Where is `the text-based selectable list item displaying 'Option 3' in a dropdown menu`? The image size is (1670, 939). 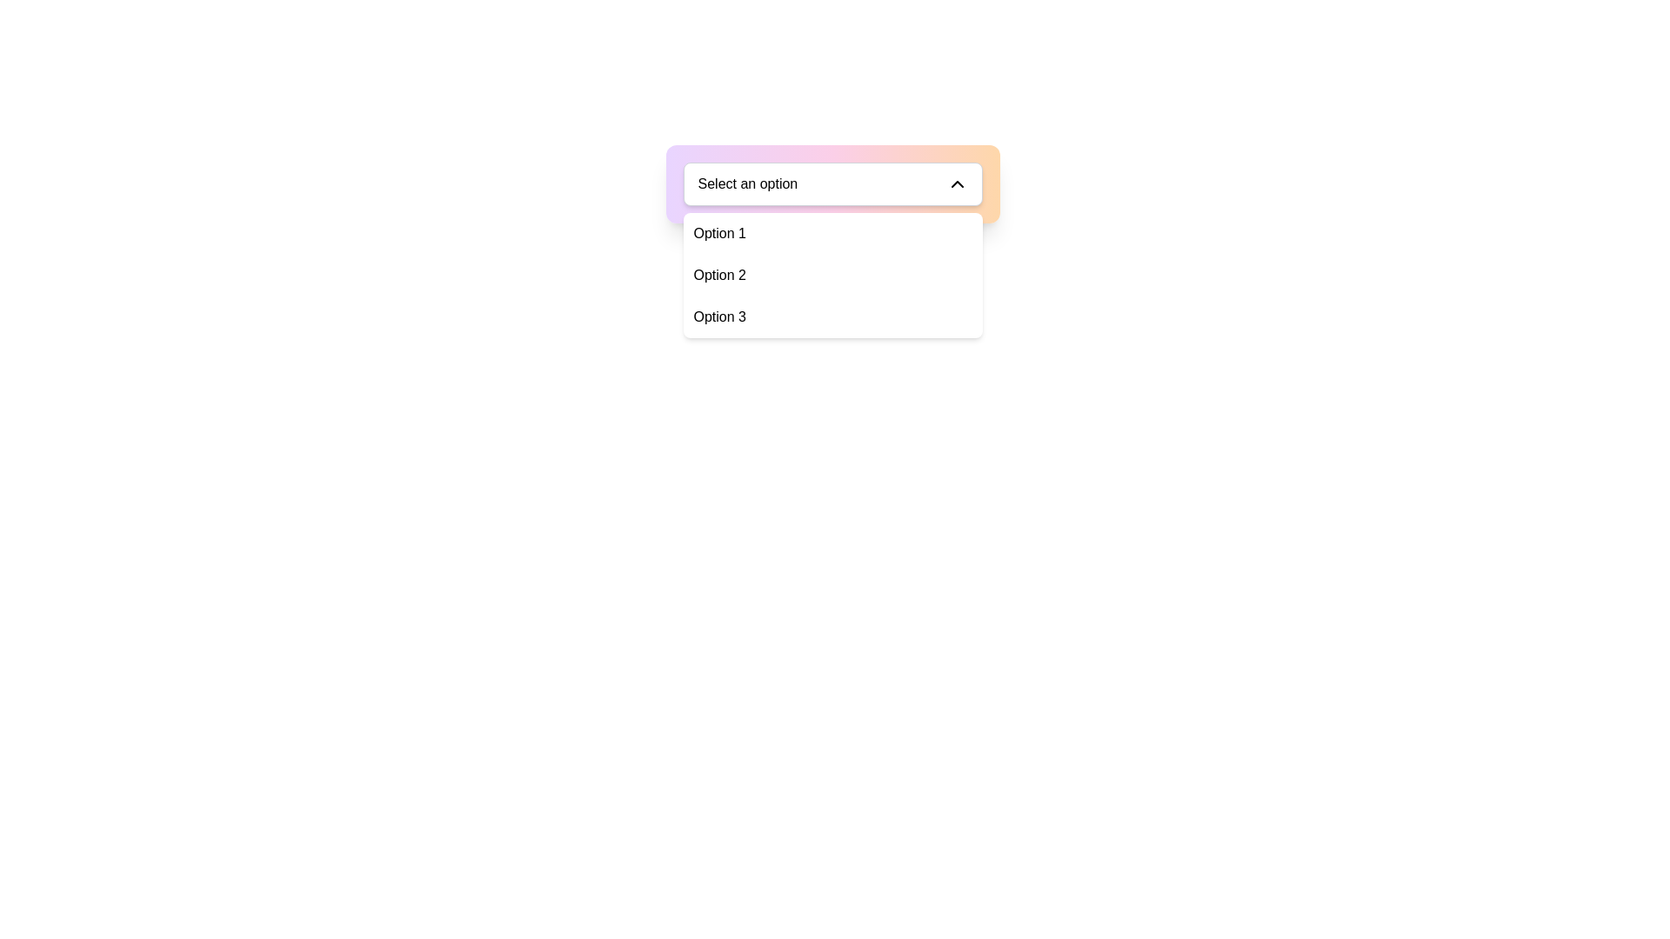
the text-based selectable list item displaying 'Option 3' in a dropdown menu is located at coordinates (719, 317).